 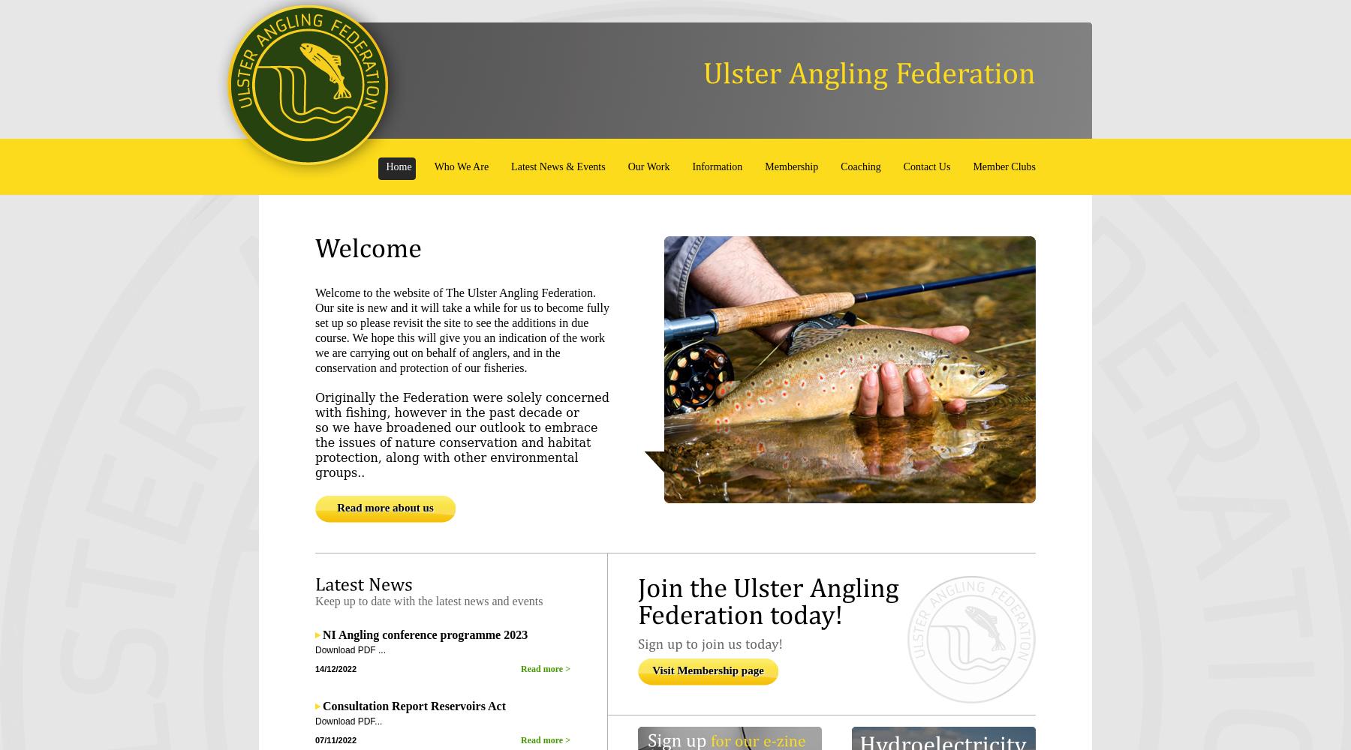 What do you see at coordinates (384, 508) in the screenshot?
I see `'Read more about us'` at bounding box center [384, 508].